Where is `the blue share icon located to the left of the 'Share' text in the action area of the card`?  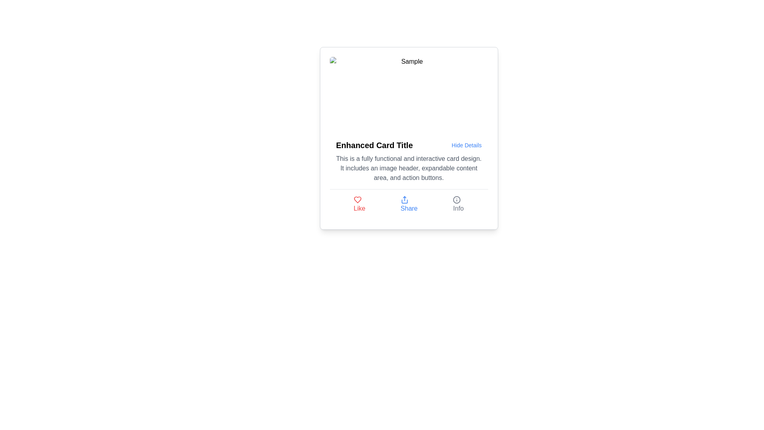 the blue share icon located to the left of the 'Share' text in the action area of the card is located at coordinates (404, 199).